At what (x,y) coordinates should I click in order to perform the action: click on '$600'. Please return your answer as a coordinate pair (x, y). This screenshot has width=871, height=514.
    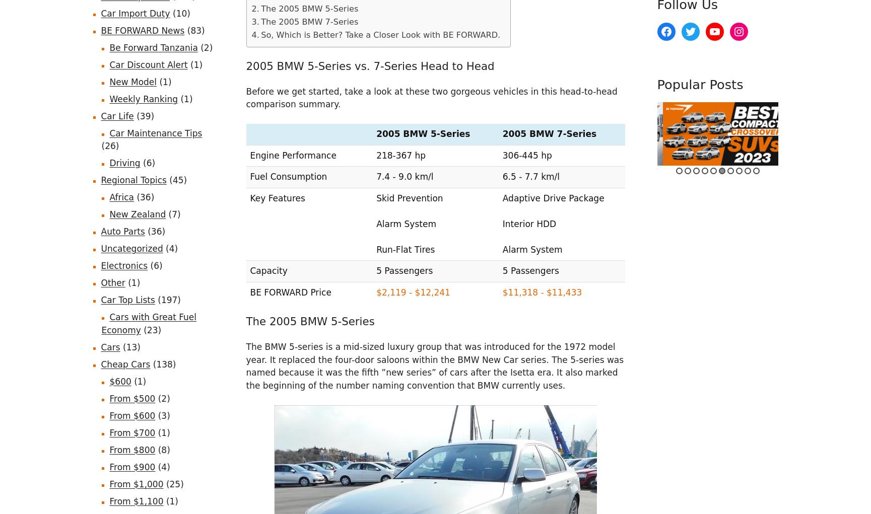
    Looking at the image, I should click on (119, 381).